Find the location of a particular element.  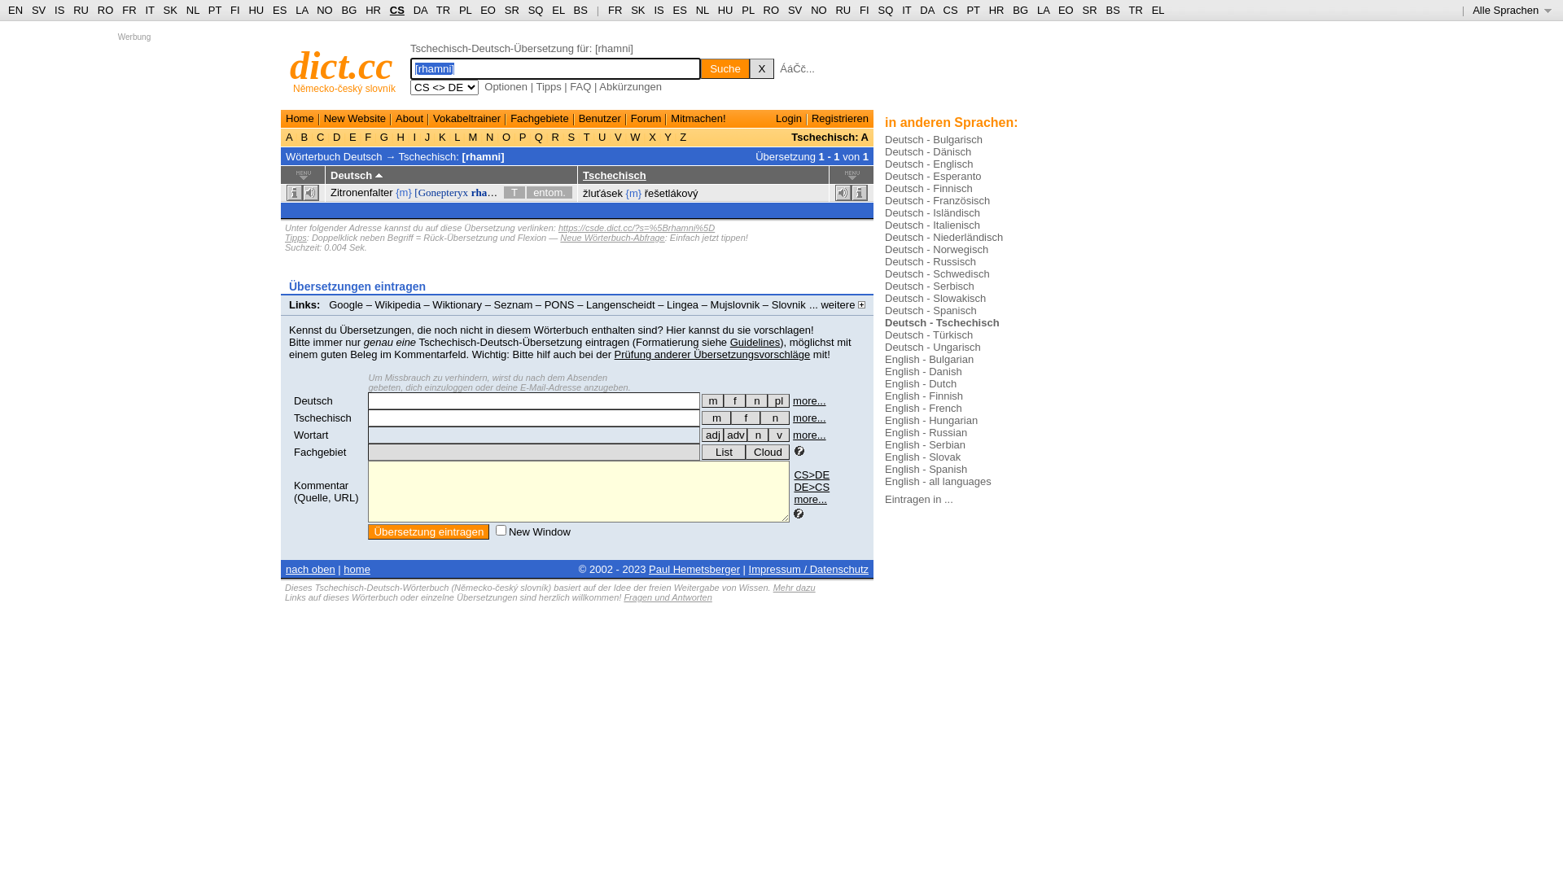

'IS' is located at coordinates (59, 10).